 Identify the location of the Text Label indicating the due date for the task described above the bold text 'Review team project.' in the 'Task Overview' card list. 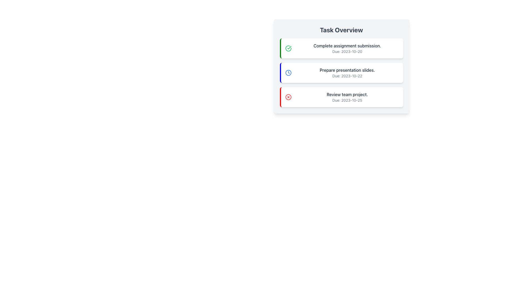
(347, 100).